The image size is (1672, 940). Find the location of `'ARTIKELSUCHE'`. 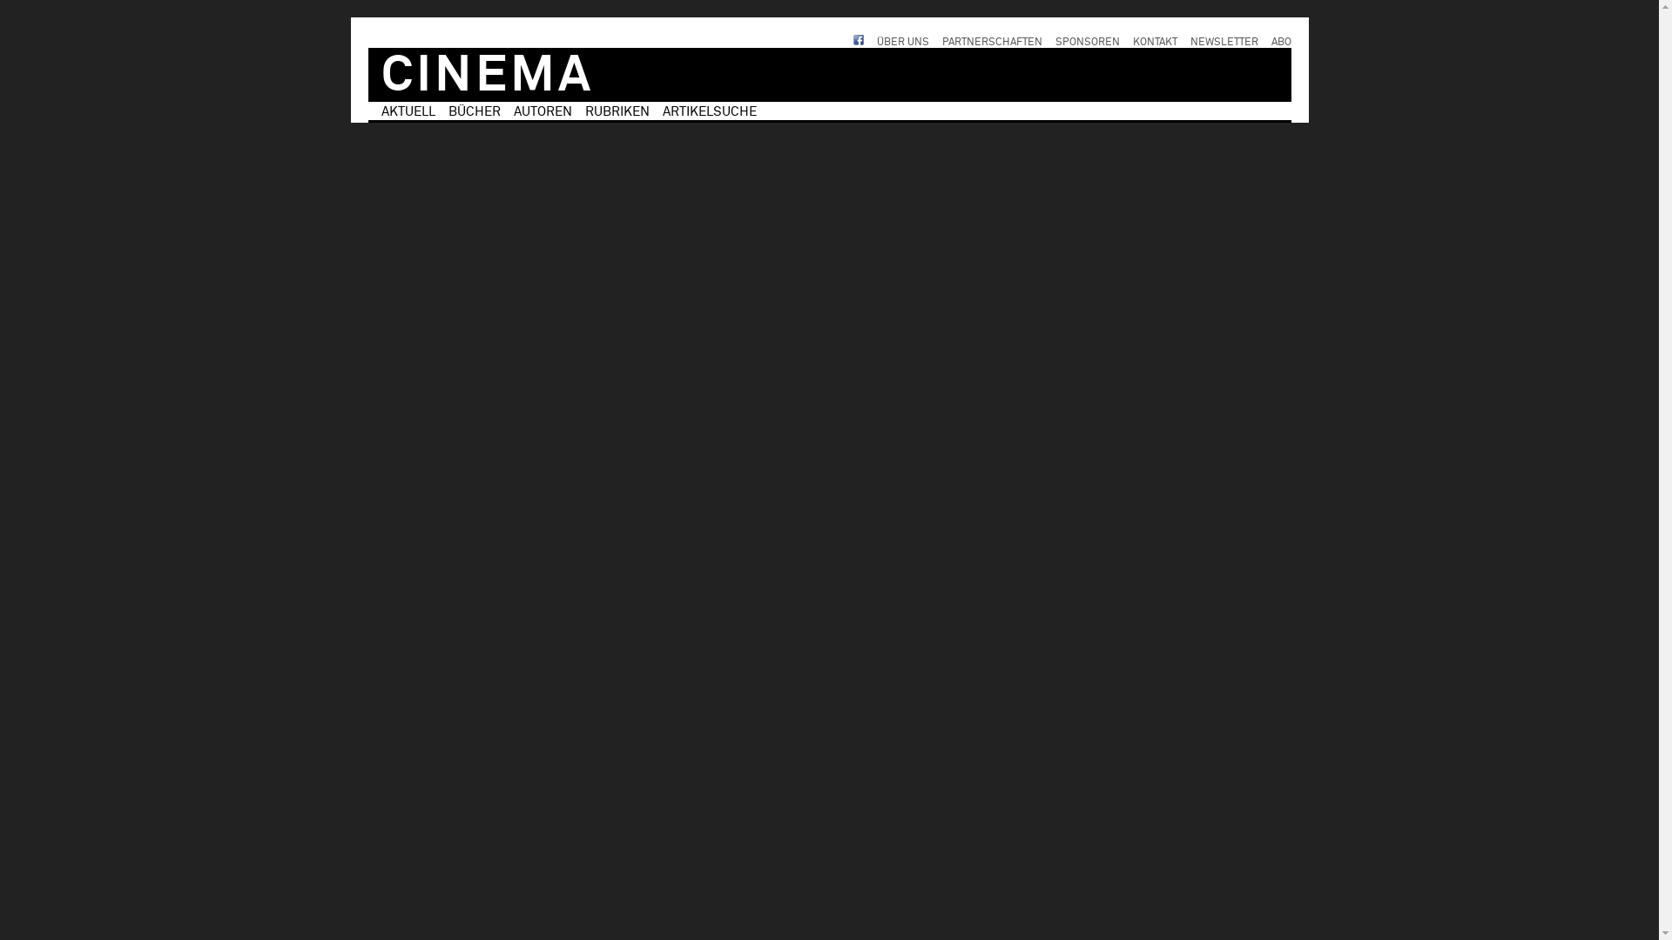

'ARTIKELSUCHE' is located at coordinates (709, 111).